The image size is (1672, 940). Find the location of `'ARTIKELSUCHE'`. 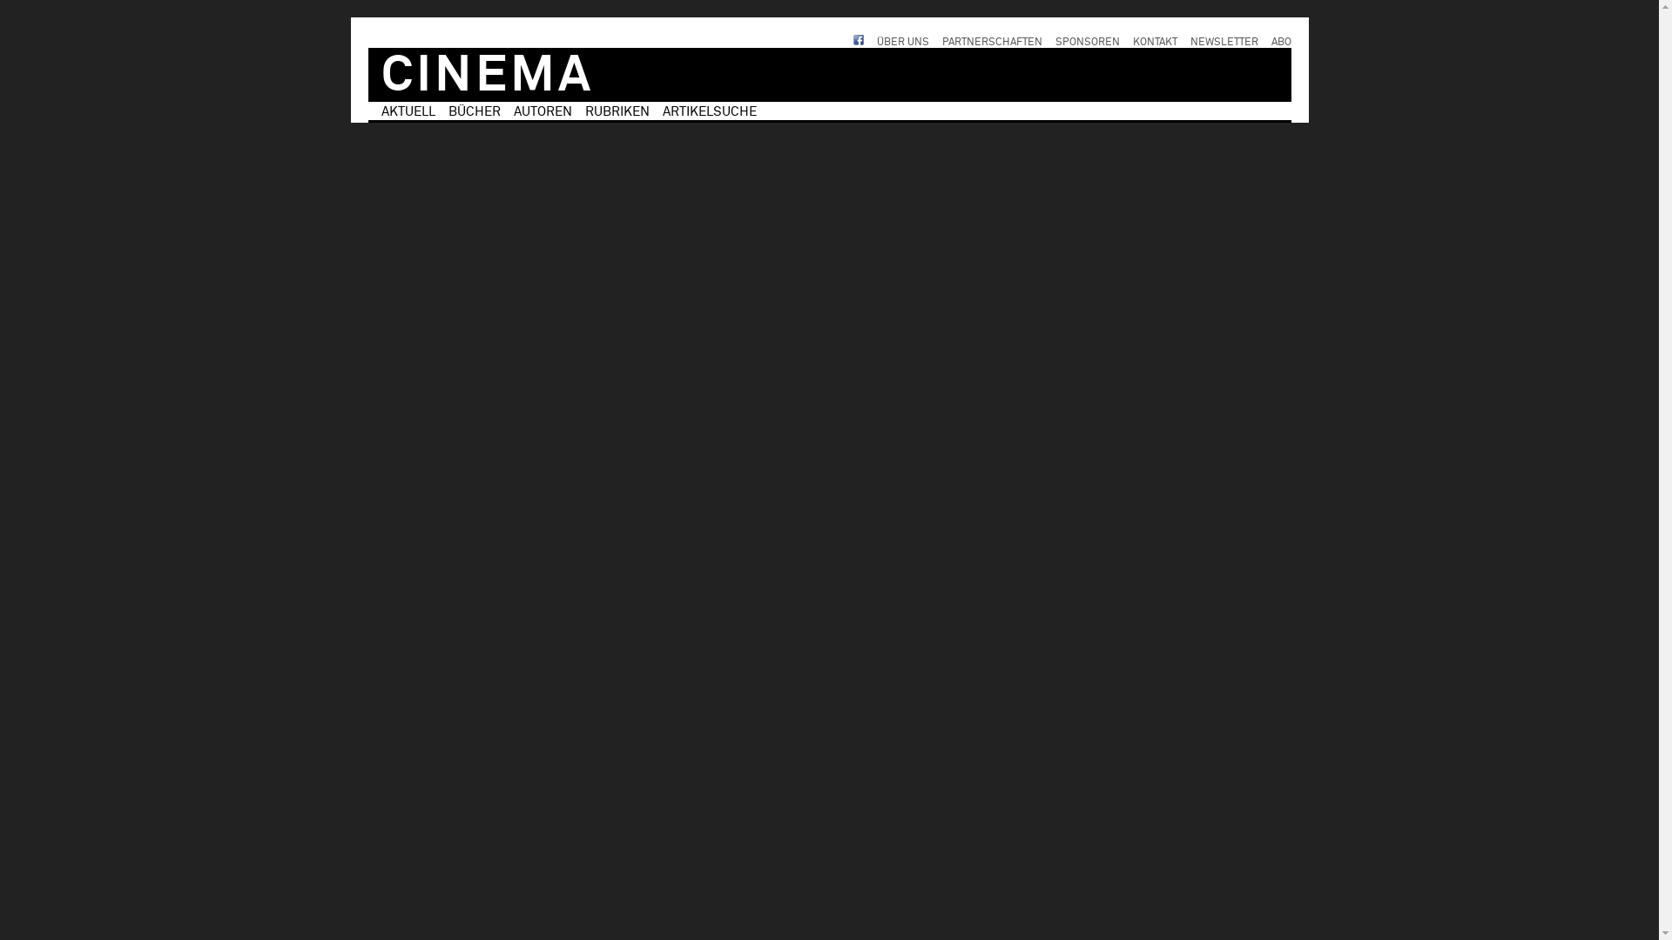

'ARTIKELSUCHE' is located at coordinates (709, 111).